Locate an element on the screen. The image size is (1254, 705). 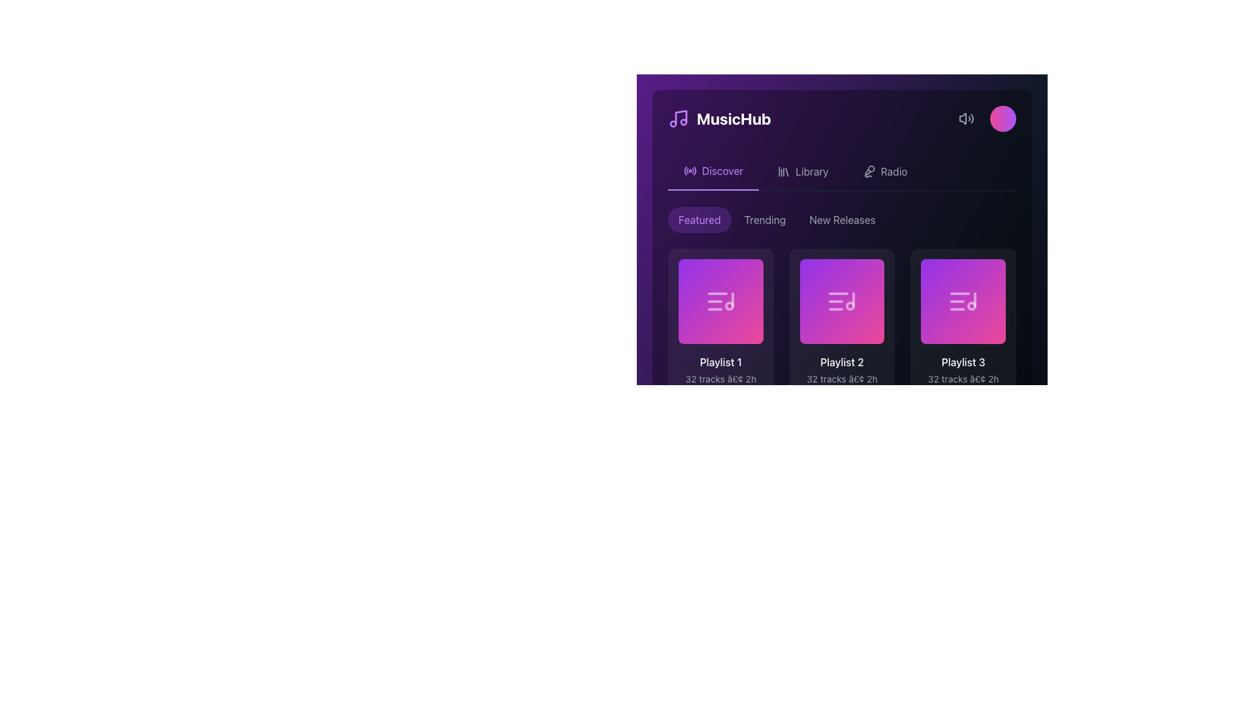
text label that informs users about the duration and number of tracks in the playlist, located under 'Playlist 3' is located at coordinates (963, 384).